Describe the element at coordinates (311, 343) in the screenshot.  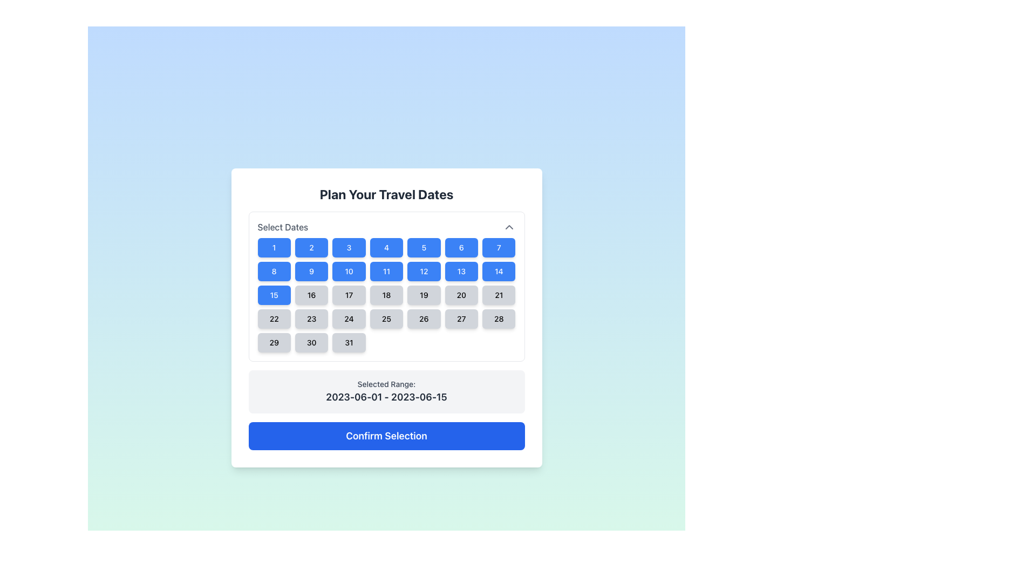
I see `the selectable date button for the date '30' located in the calendar grid under the 'Select Dates' section` at that location.